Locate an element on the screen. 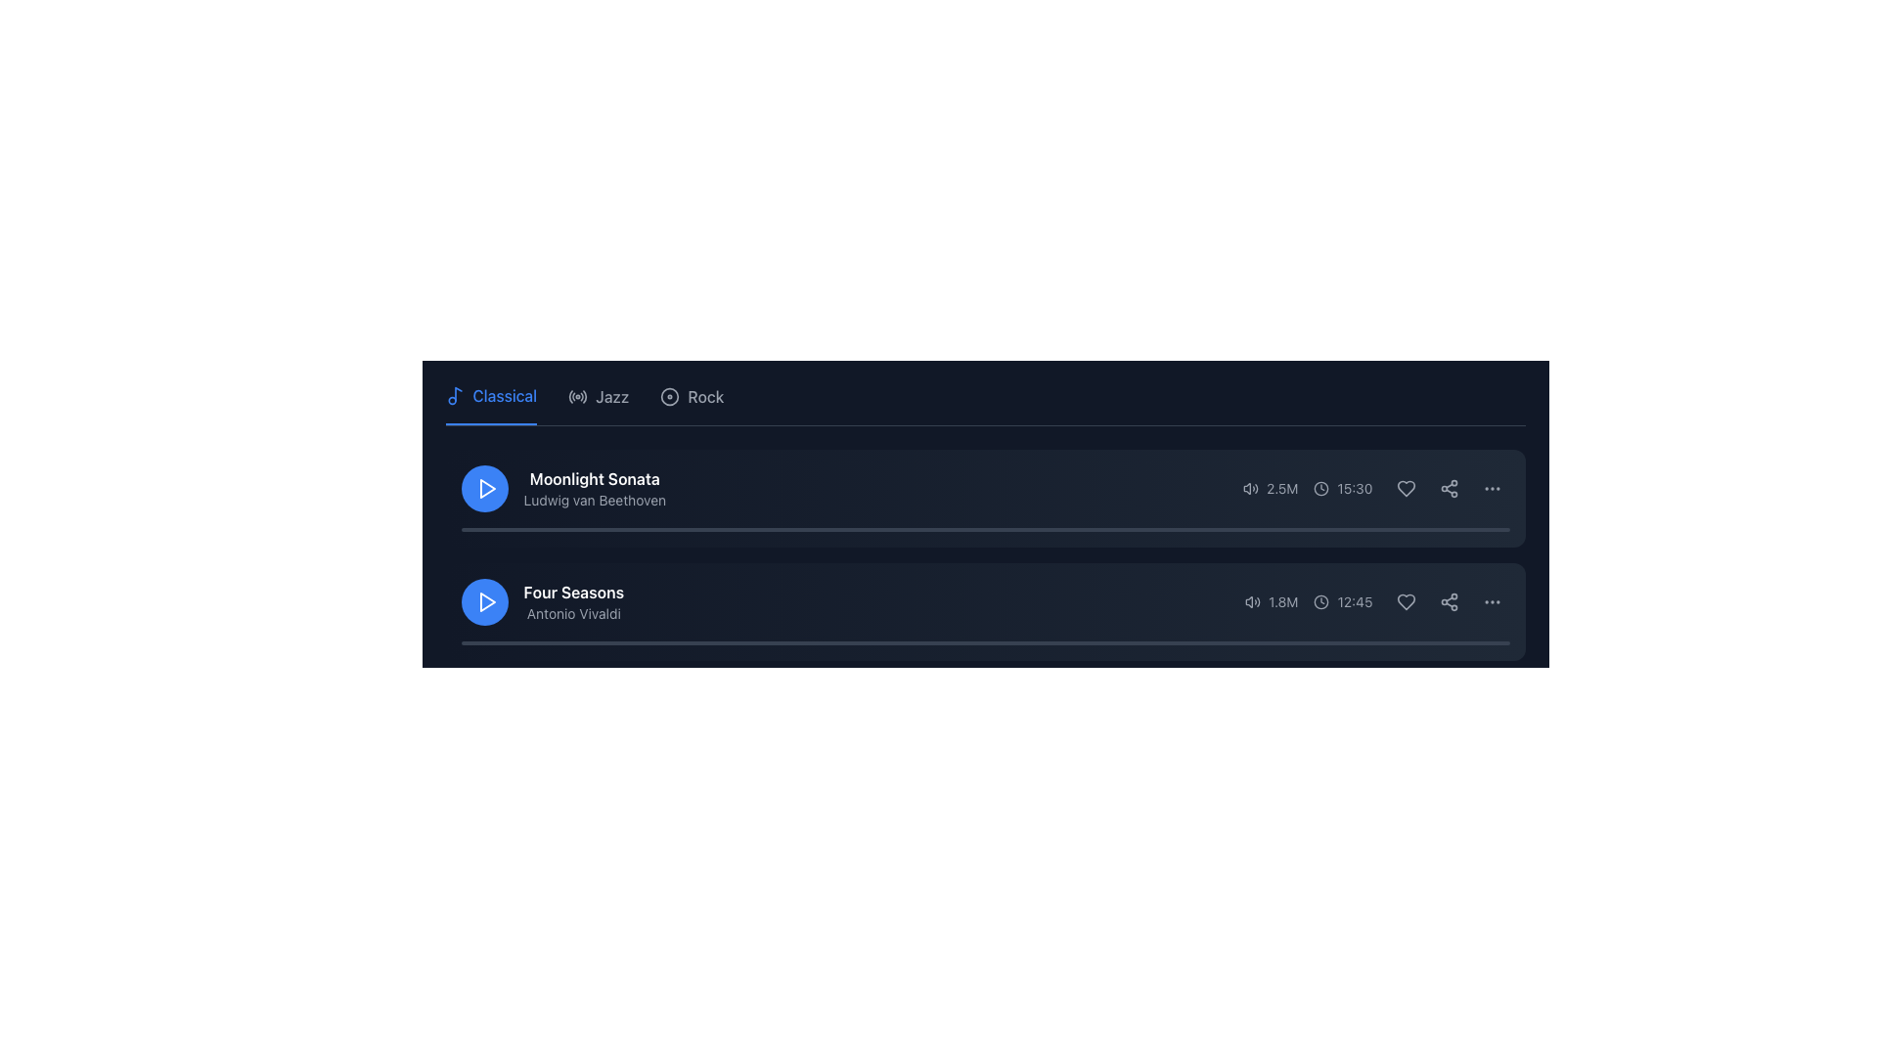  the ellipsis icon button, which is a horizontally aligned icon with three evenly spaced gray dots, located at the right edge of a list item is located at coordinates (1491, 488).